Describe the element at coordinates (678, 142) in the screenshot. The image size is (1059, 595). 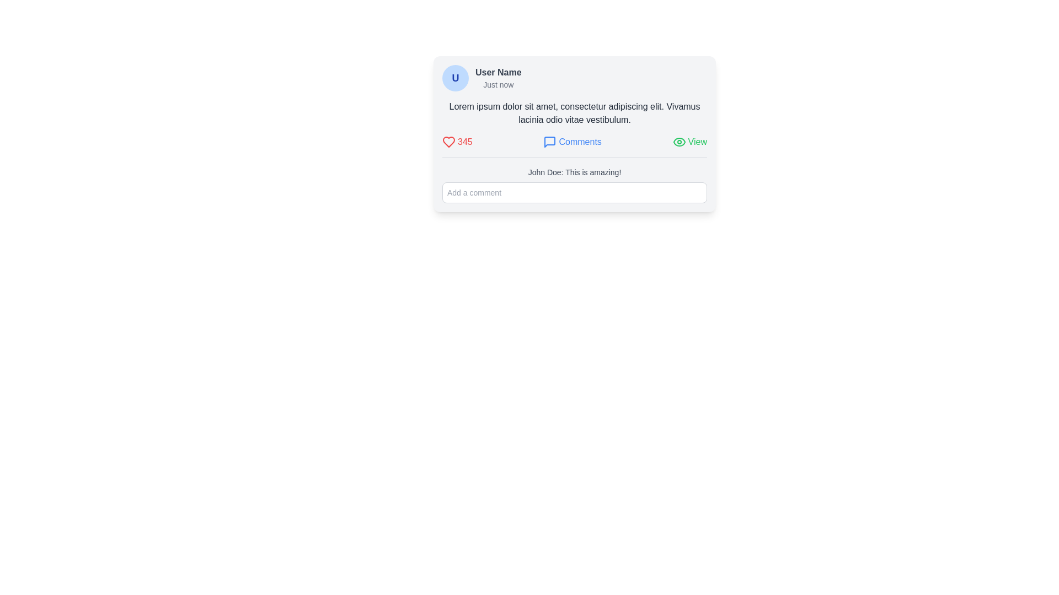
I see `the outer ellipse of the eye icon representing the 'view' option within the interface` at that location.